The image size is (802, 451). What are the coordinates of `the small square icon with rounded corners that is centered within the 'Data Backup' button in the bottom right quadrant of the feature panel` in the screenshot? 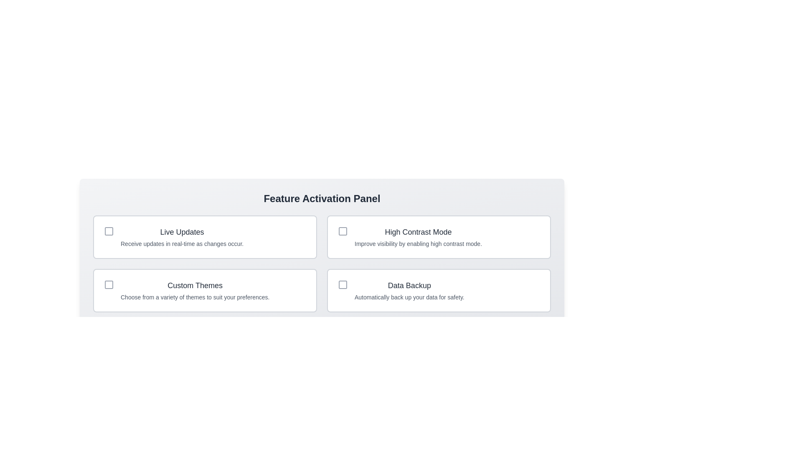 It's located at (343, 284).